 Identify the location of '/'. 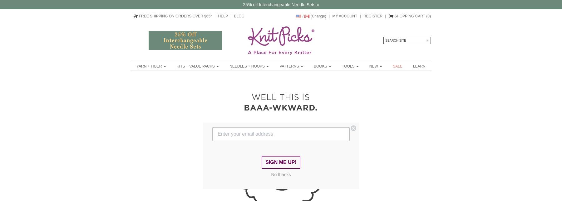
(303, 16).